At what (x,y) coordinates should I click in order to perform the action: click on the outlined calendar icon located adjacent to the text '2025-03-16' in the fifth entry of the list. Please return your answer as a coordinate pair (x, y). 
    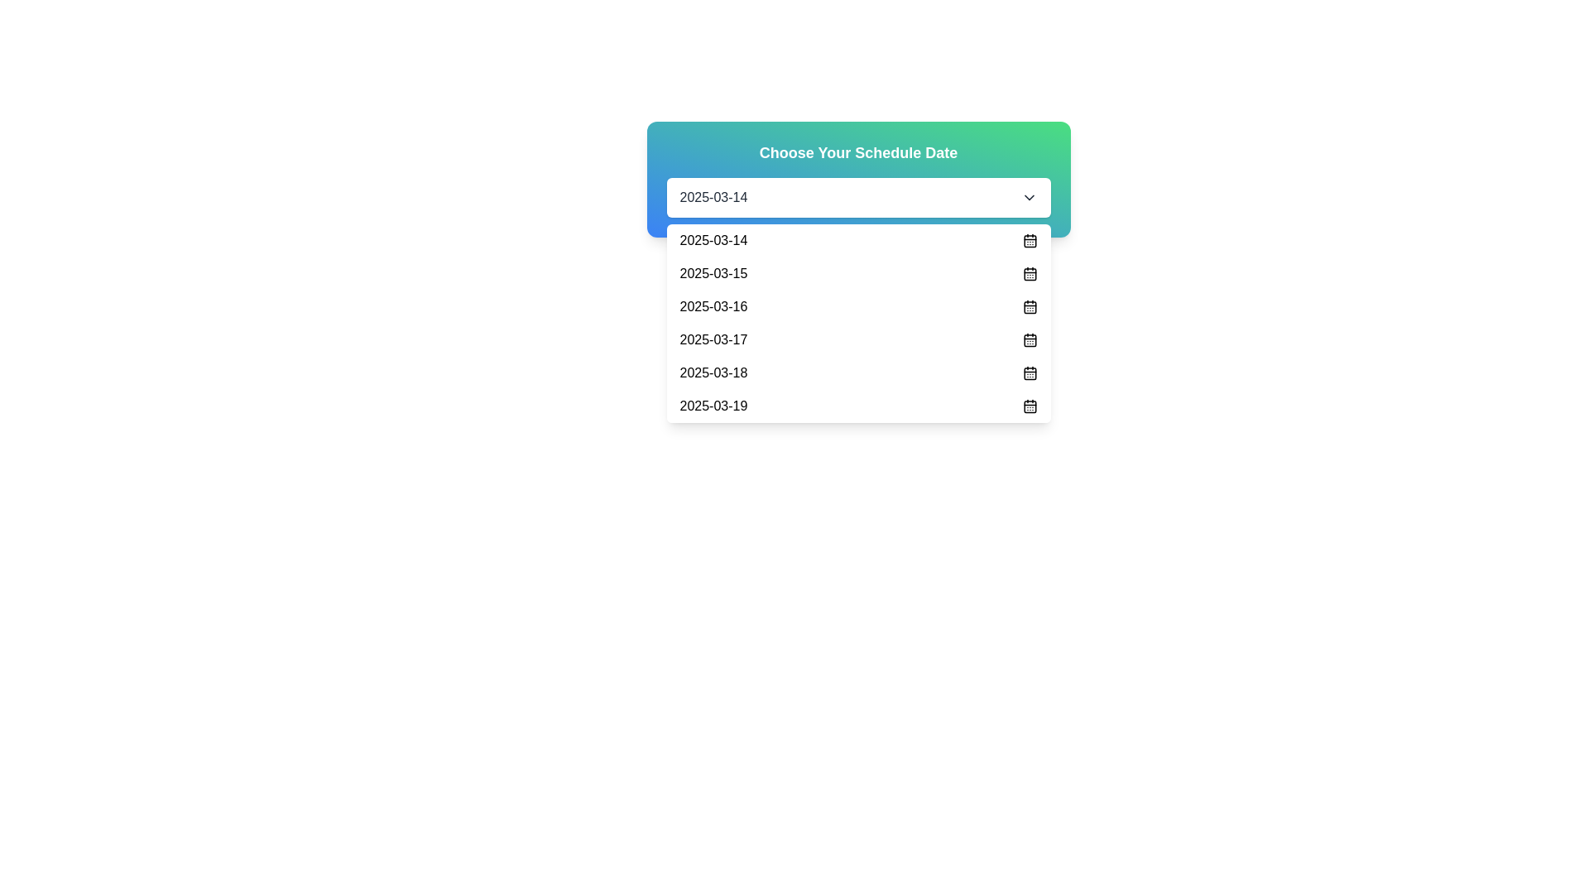
    Looking at the image, I should click on (1029, 306).